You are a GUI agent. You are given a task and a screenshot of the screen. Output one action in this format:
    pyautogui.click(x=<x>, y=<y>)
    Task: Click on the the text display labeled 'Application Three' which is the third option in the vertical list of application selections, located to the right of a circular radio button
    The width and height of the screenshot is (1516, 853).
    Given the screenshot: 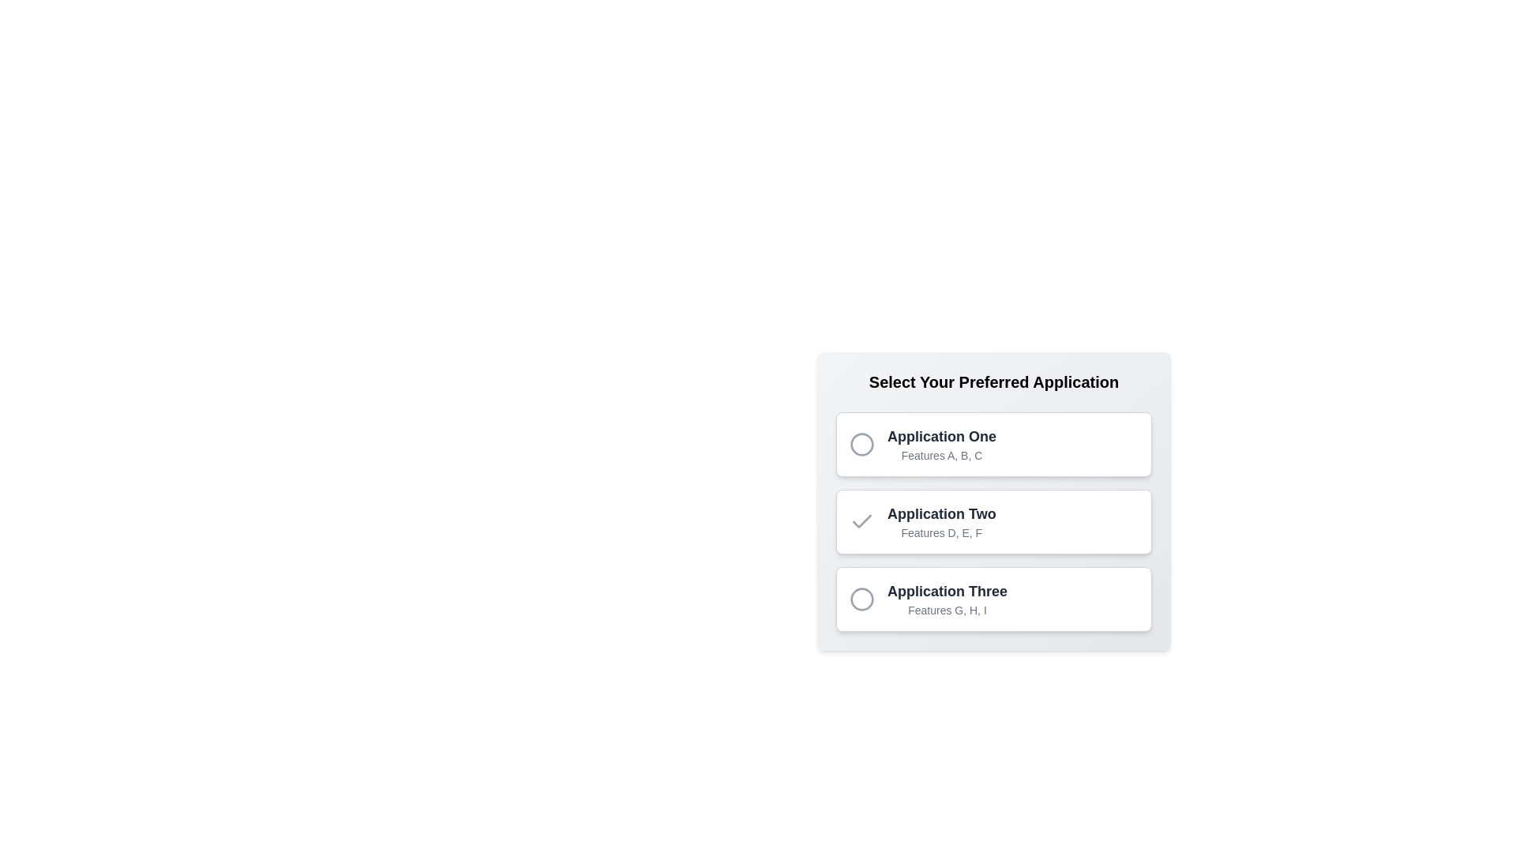 What is the action you would take?
    pyautogui.click(x=947, y=599)
    